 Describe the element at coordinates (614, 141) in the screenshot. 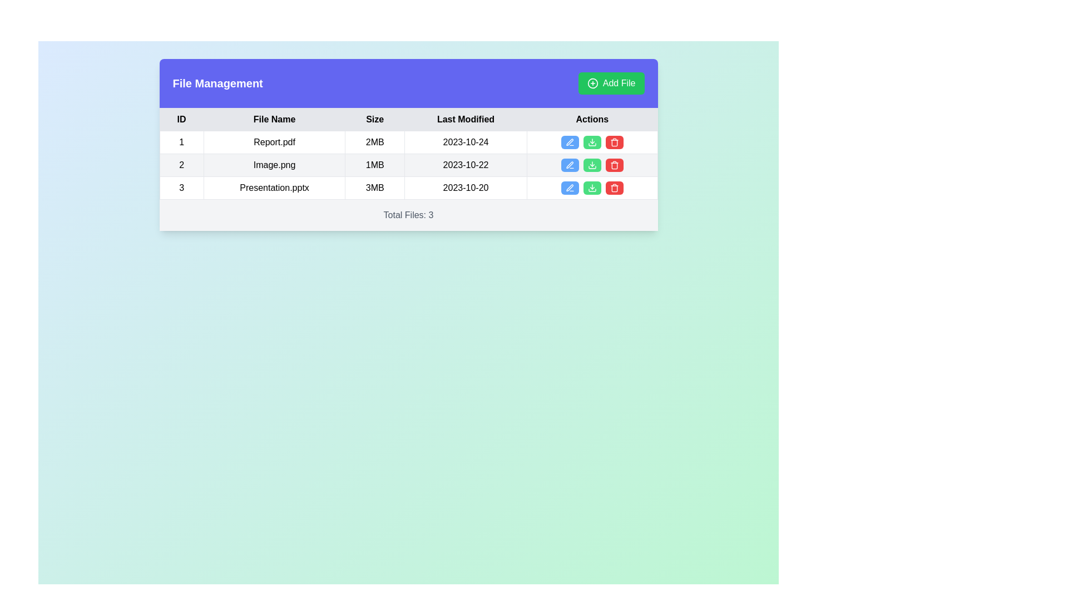

I see `the trash can button, which is the third action button in the row's 'Actions' column` at that location.